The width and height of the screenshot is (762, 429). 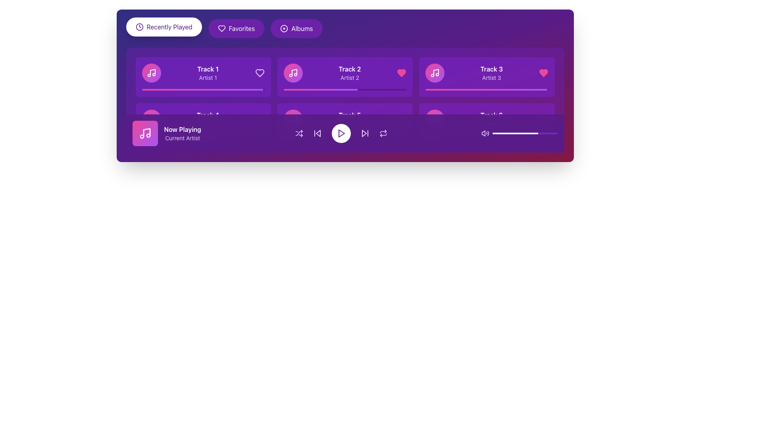 I want to click on the circular white play button with a purple-bordered triangular play icon located at the center of the music control bar to play or pause the music track, so click(x=341, y=133).